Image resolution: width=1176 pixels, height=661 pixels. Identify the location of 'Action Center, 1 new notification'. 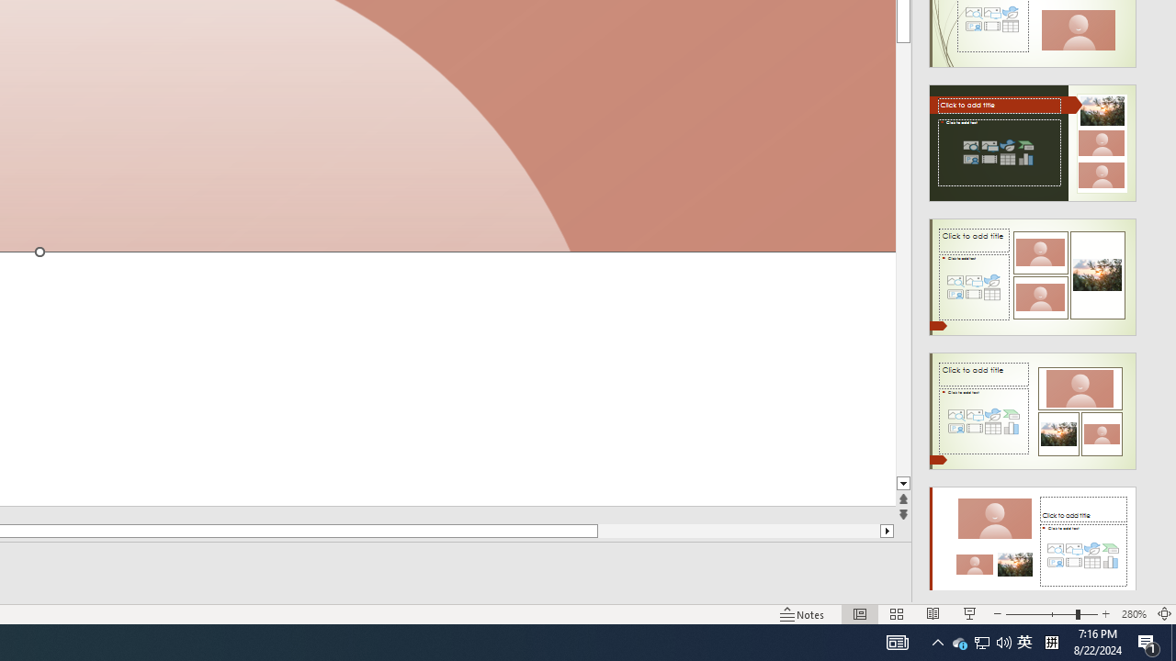
(1148, 641).